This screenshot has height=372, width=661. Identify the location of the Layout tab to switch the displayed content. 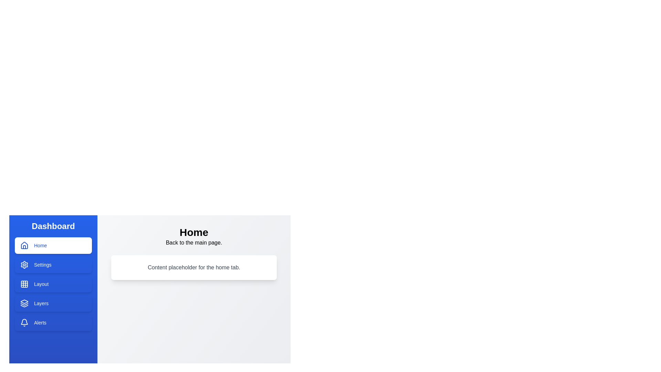
(53, 284).